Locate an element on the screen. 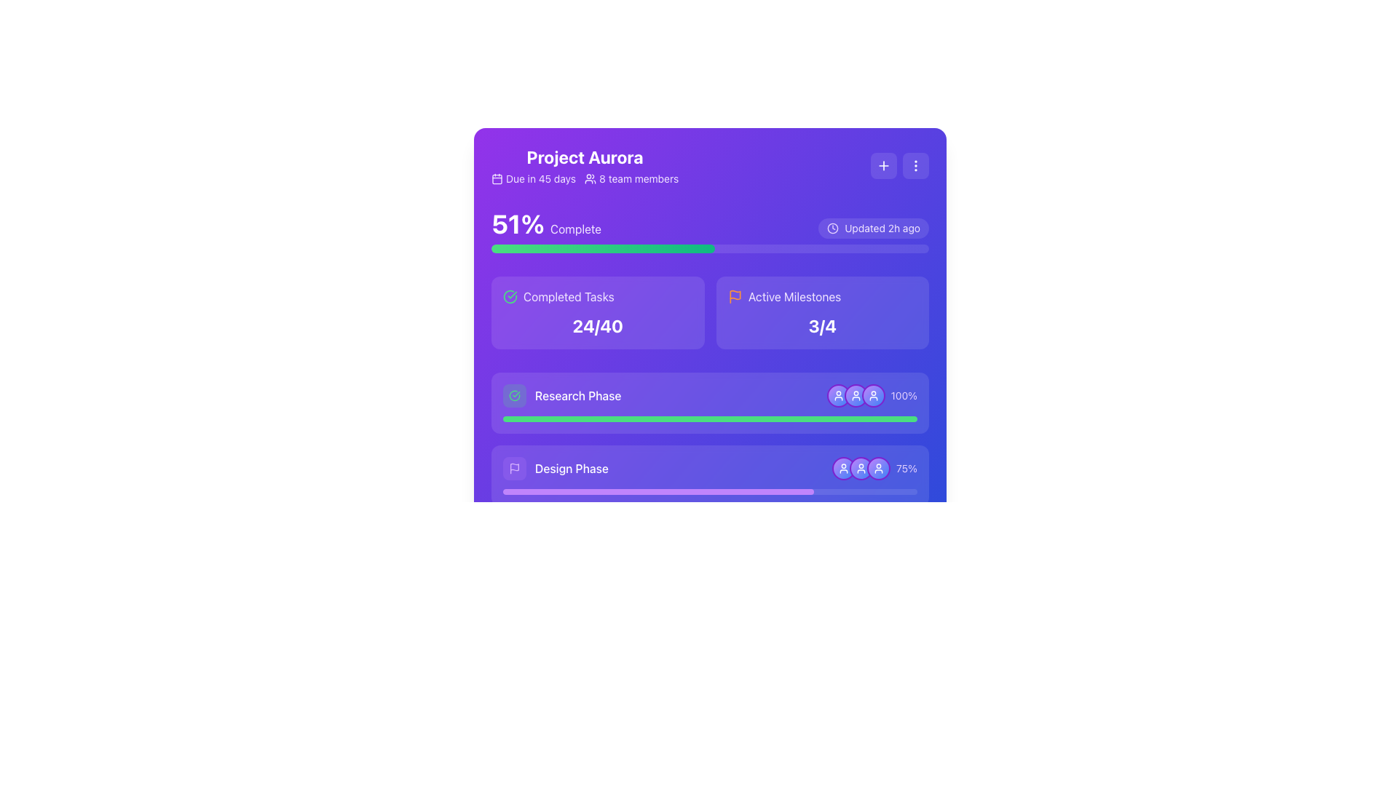  the user profile silhouette icon embedded in a circular gradient button located is located at coordinates (856, 395).